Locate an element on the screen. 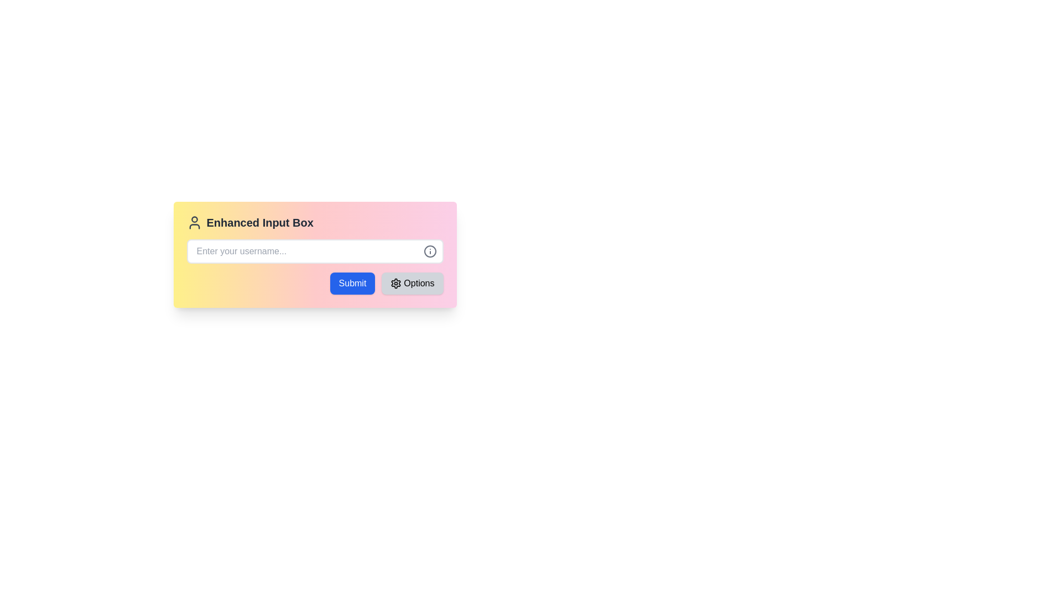 This screenshot has width=1062, height=597. the user/account icon located at the leftmost end of the 'Enhanced Input Box' header, adjacent to the text is located at coordinates (194, 222).